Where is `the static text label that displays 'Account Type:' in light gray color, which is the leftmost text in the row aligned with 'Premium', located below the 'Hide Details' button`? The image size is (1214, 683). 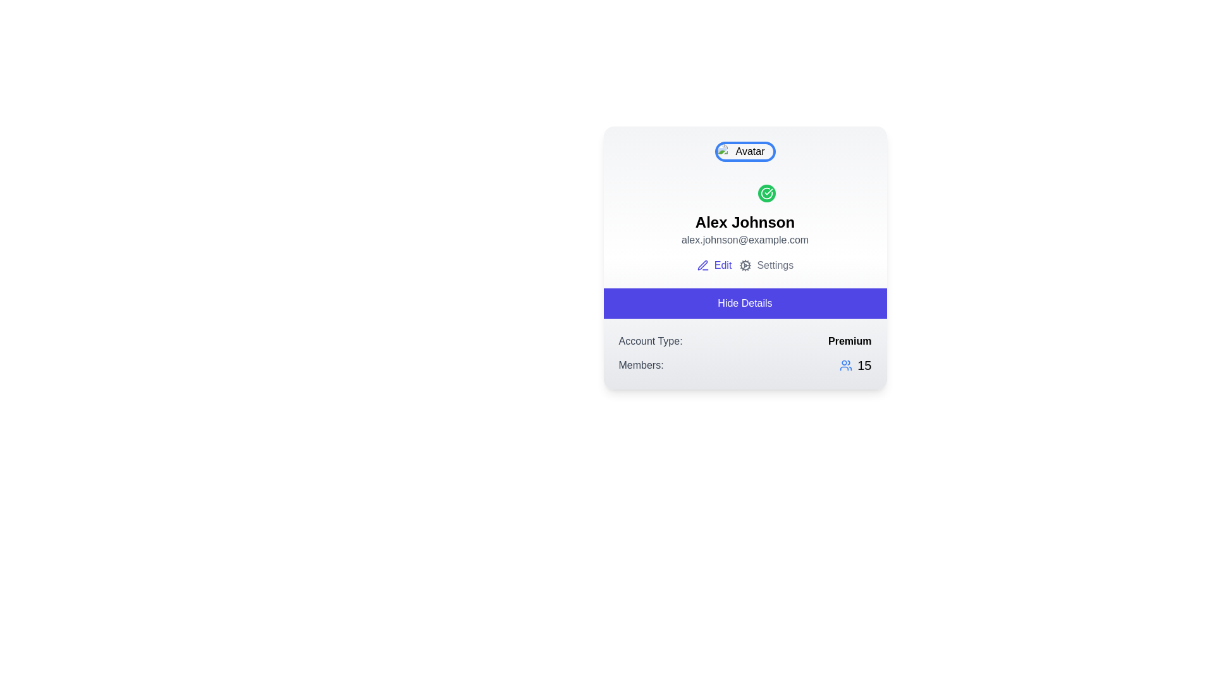
the static text label that displays 'Account Type:' in light gray color, which is the leftmost text in the row aligned with 'Premium', located below the 'Hide Details' button is located at coordinates (651, 341).